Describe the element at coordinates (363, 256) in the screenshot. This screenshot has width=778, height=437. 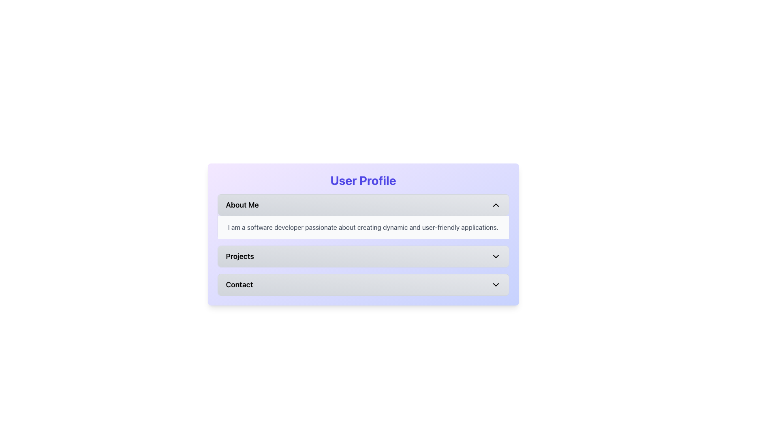
I see `the 'Projects' button, which is a rectangular button with a light gray gradient background that darkens on hover, located centrally between the 'About Me' and 'Contact' buttons` at that location.